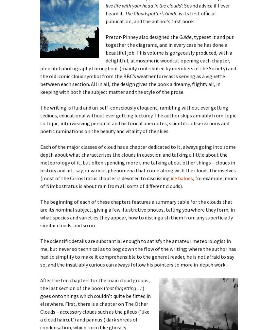  Describe the element at coordinates (167, 9) in the screenshot. I see `'‘: Sound advice if I ever heard it.'` at that location.